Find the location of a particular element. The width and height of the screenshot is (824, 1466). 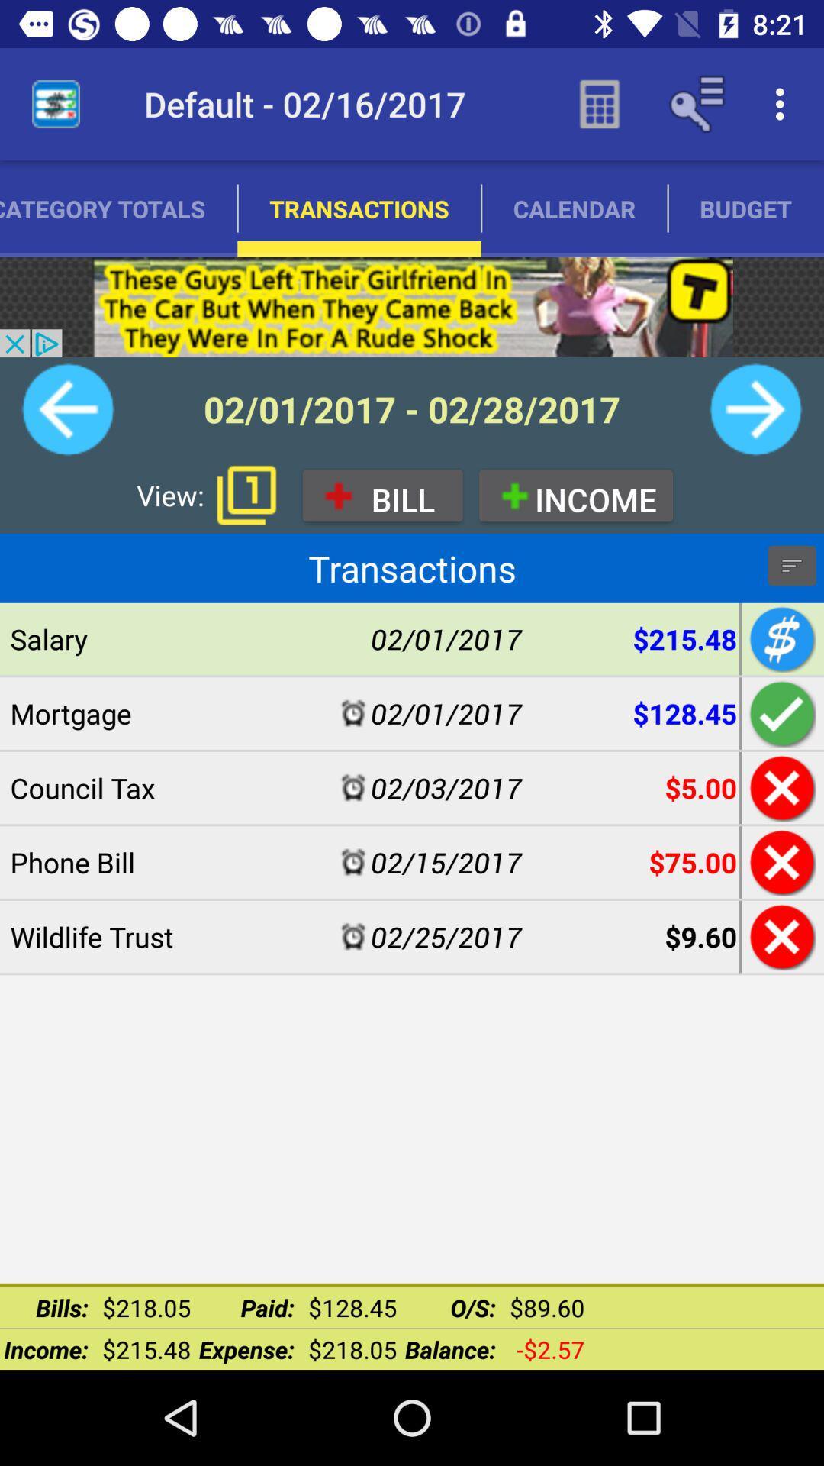

bring up pages is located at coordinates (246, 495).